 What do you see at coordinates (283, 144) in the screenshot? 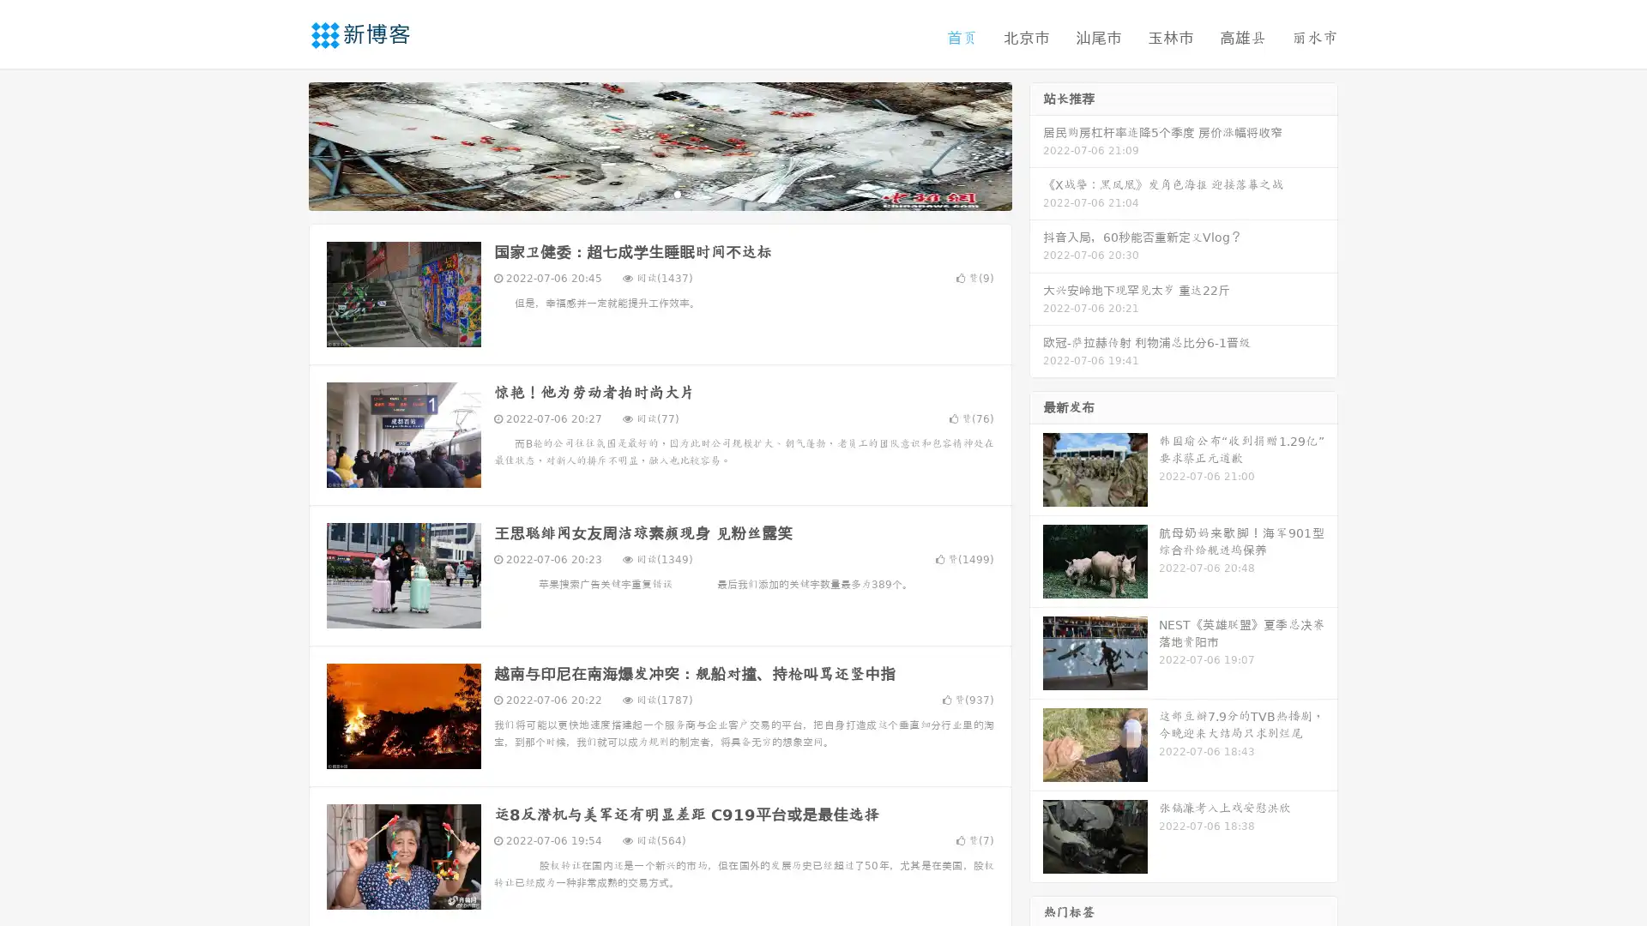
I see `Previous slide` at bounding box center [283, 144].